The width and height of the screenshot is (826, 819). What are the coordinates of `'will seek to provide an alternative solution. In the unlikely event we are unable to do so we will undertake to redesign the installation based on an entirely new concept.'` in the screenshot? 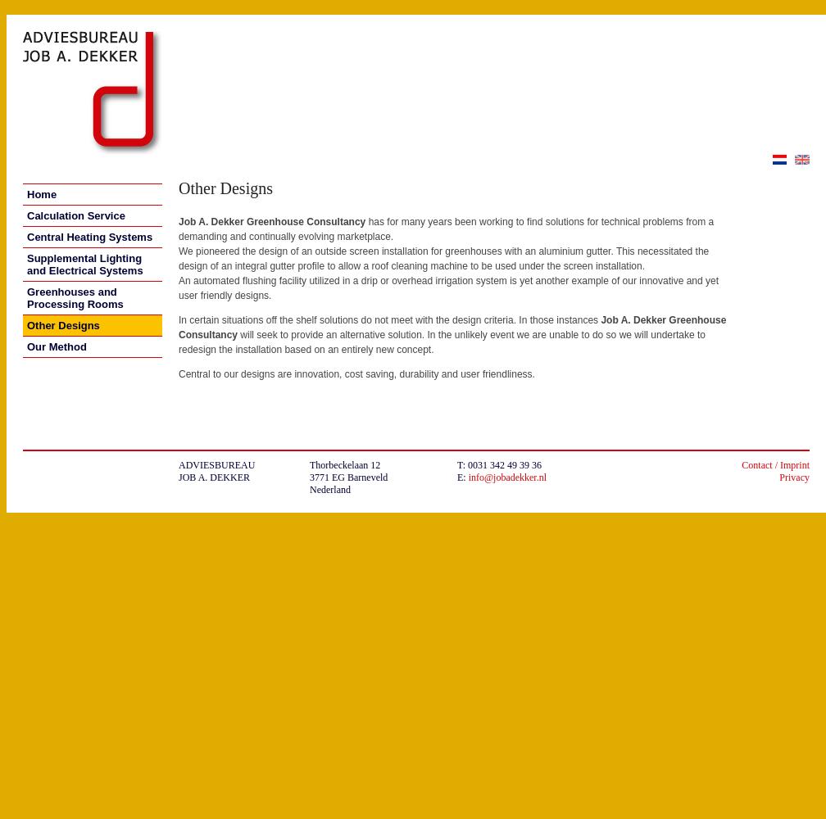 It's located at (179, 342).